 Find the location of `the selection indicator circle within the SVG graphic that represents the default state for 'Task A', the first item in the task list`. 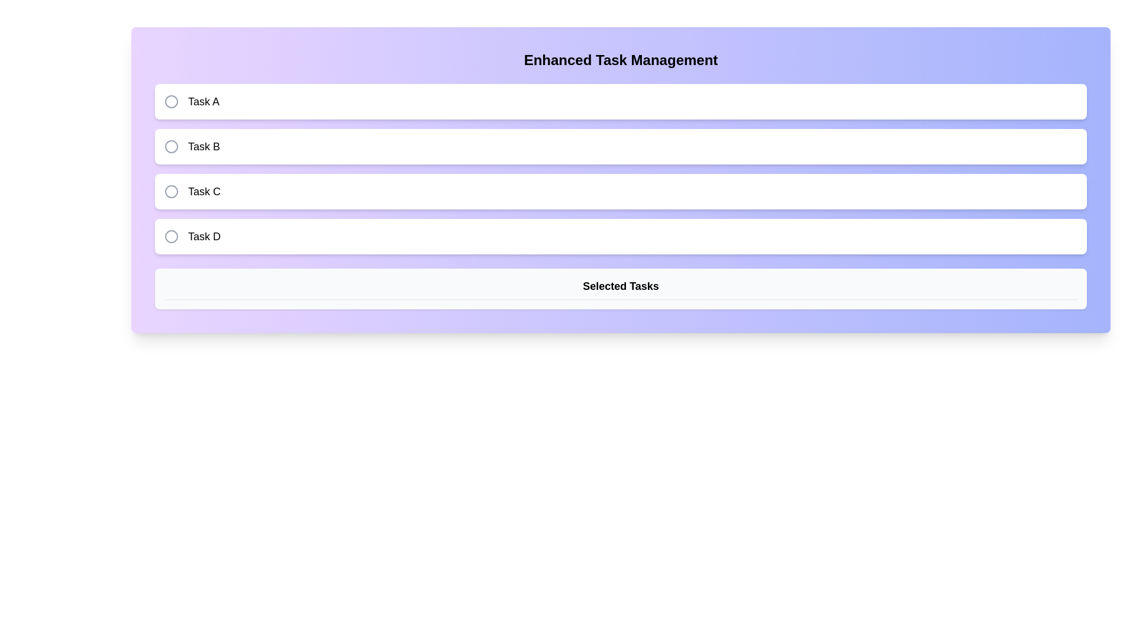

the selection indicator circle within the SVG graphic that represents the default state for 'Task A', the first item in the task list is located at coordinates (170, 101).